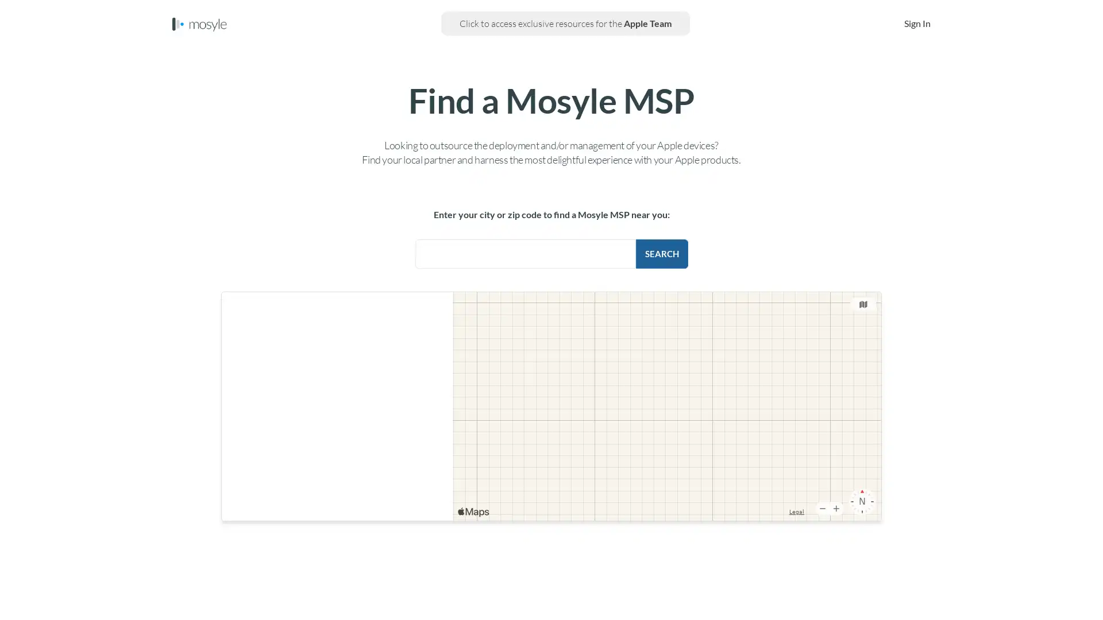  Describe the element at coordinates (821, 508) in the screenshot. I see `Zoom Out` at that location.